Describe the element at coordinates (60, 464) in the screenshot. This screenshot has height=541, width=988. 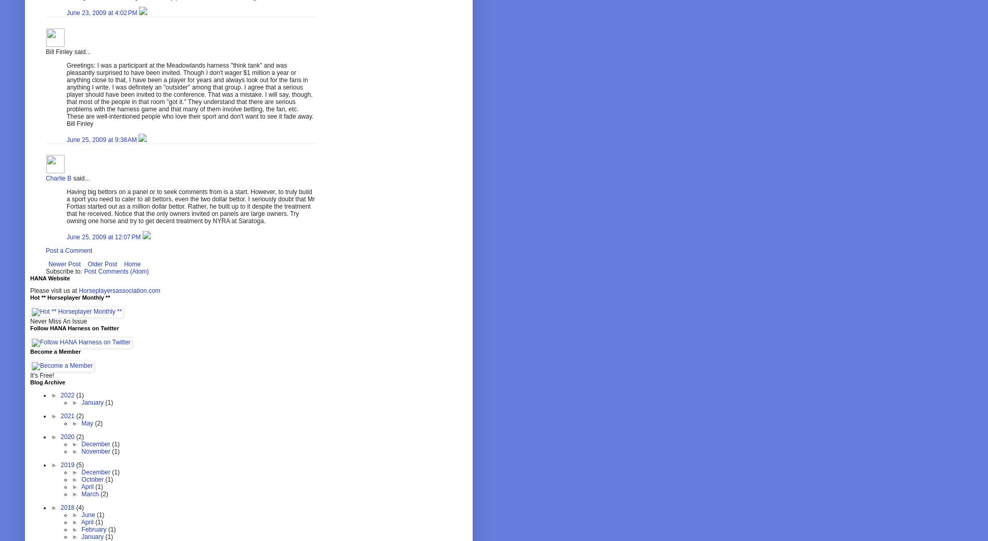
I see `'2019'` at that location.